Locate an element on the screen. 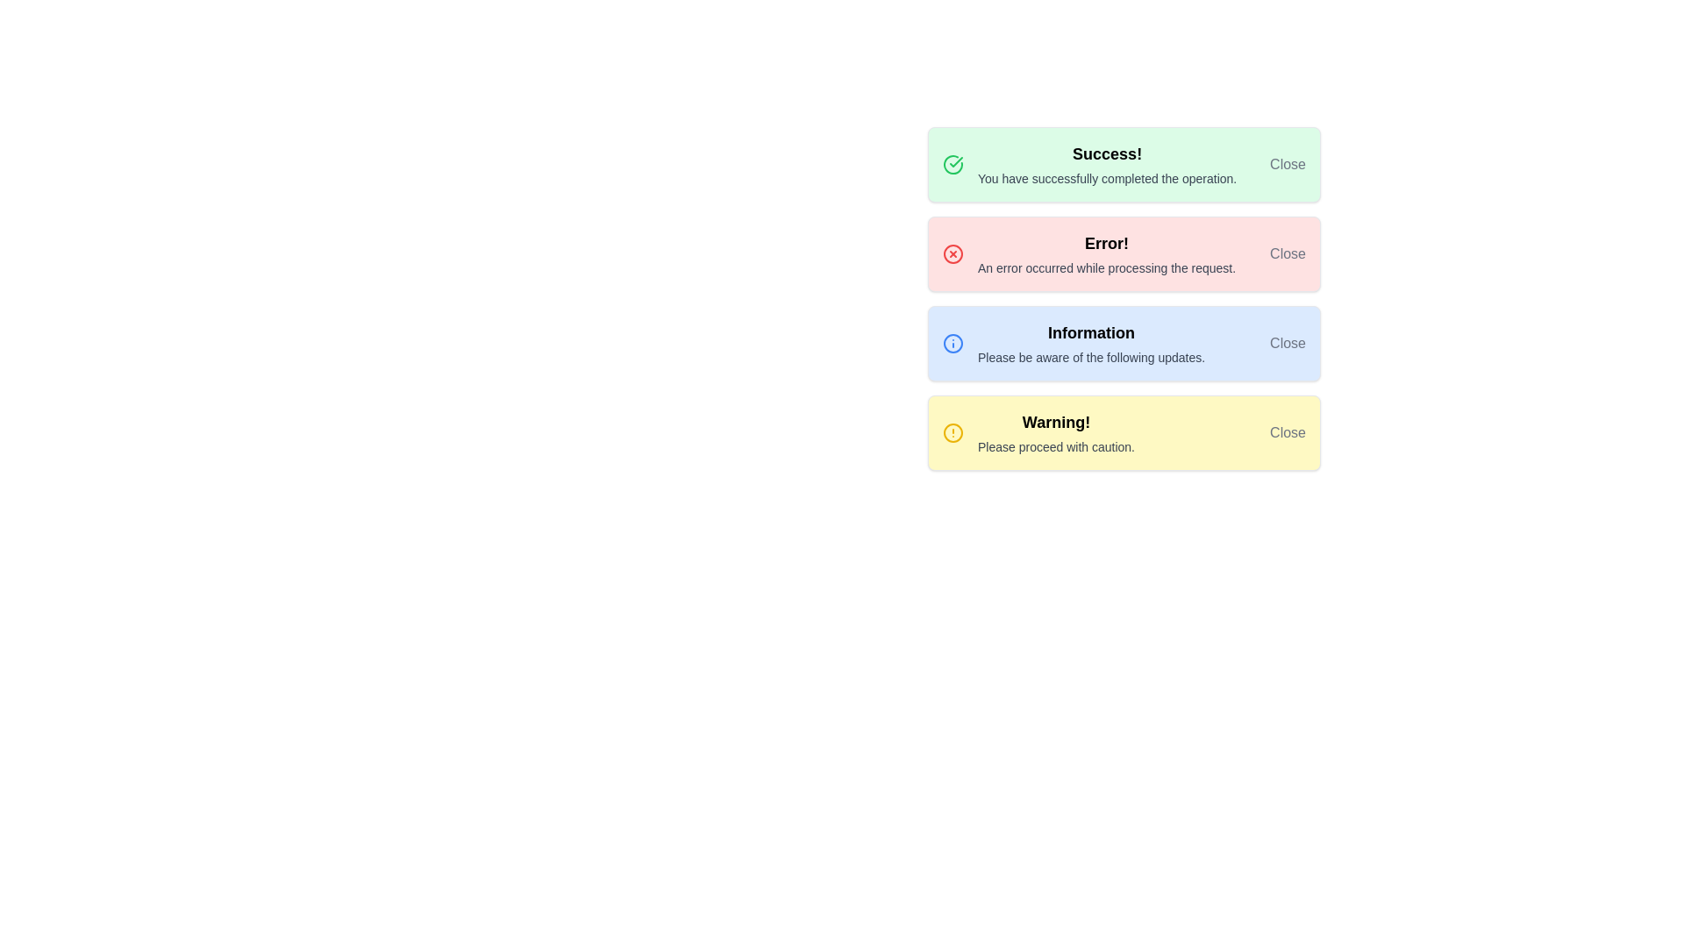 The height and width of the screenshot is (947, 1684). the 'Close' button located in the top-right corner of the green-bordered notification box is located at coordinates (1288, 165).